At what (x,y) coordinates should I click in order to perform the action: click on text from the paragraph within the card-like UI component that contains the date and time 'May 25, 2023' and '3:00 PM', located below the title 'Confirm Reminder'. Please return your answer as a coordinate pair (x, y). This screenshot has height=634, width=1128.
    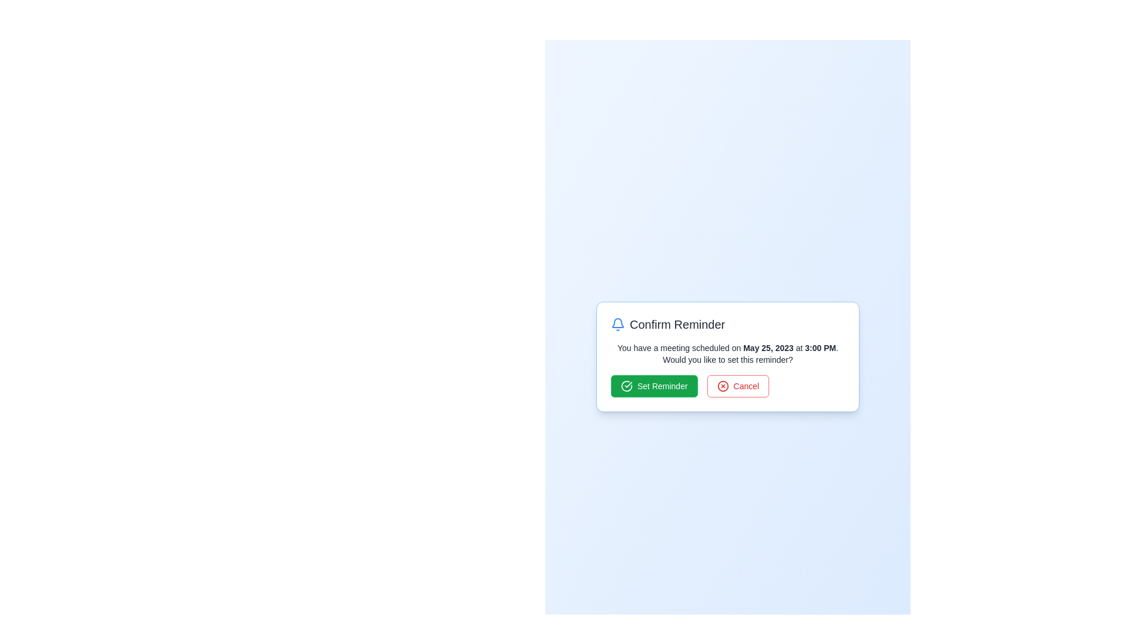
    Looking at the image, I should click on (727, 353).